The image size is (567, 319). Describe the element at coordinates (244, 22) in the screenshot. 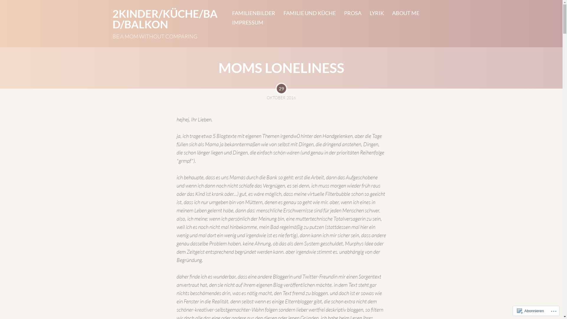

I see `'IMPRESSUM'` at that location.